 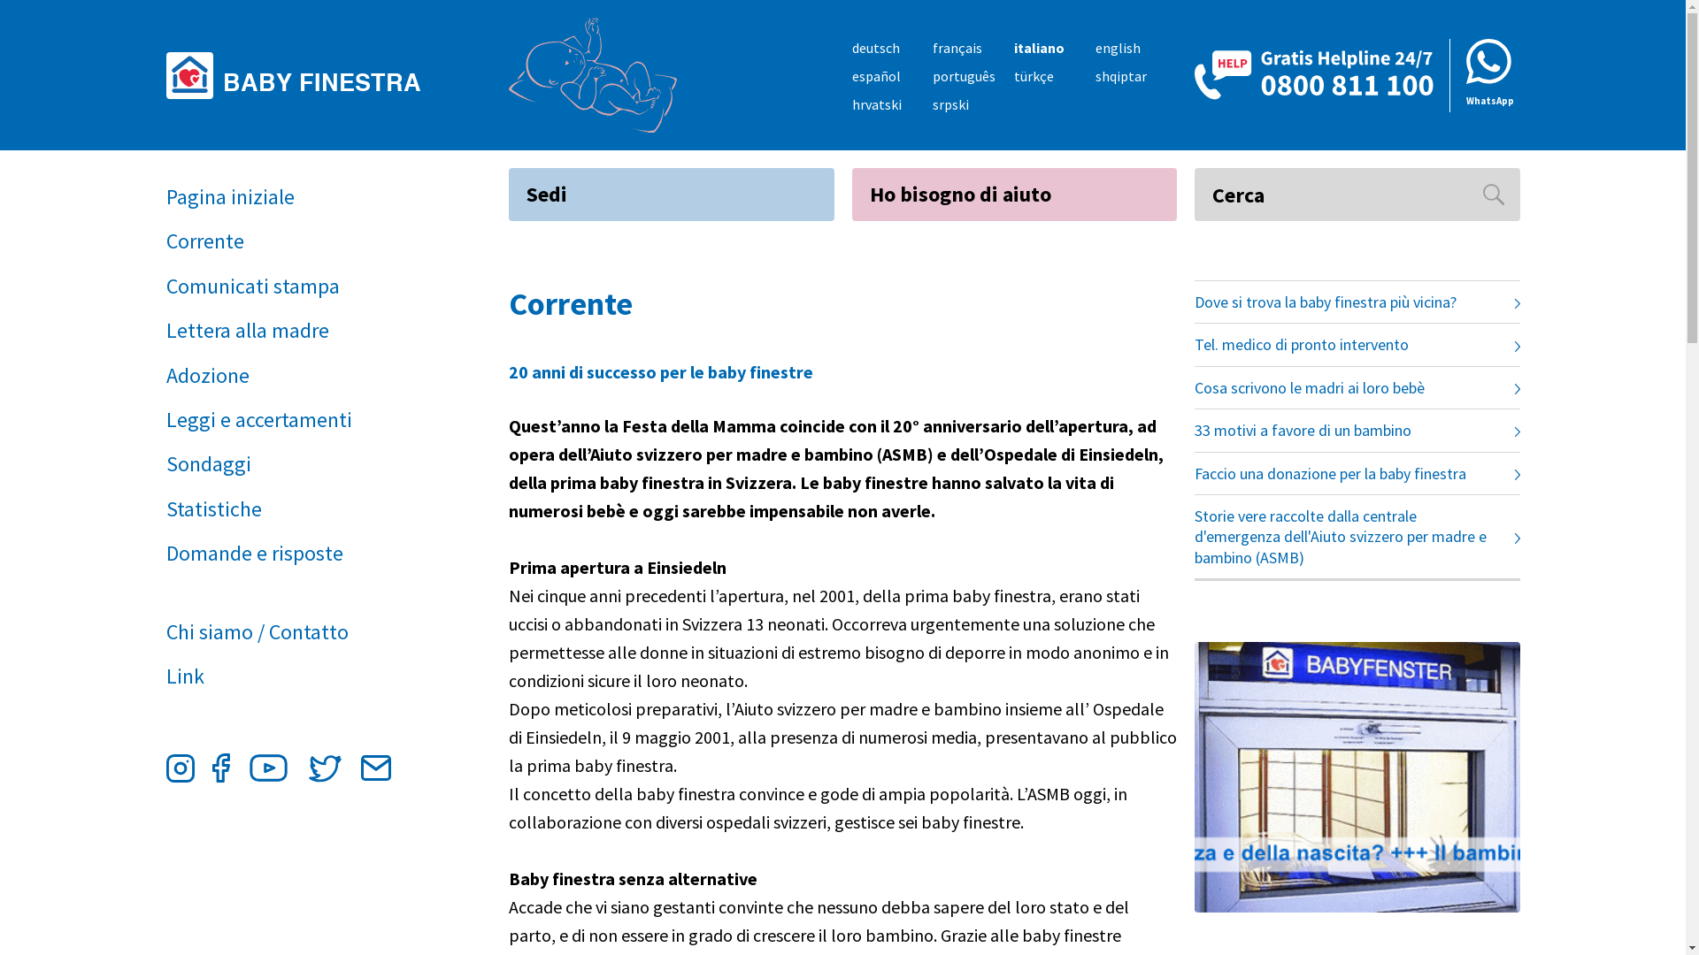 I want to click on '33 motivi a favore di un bambino', so click(x=1357, y=430).